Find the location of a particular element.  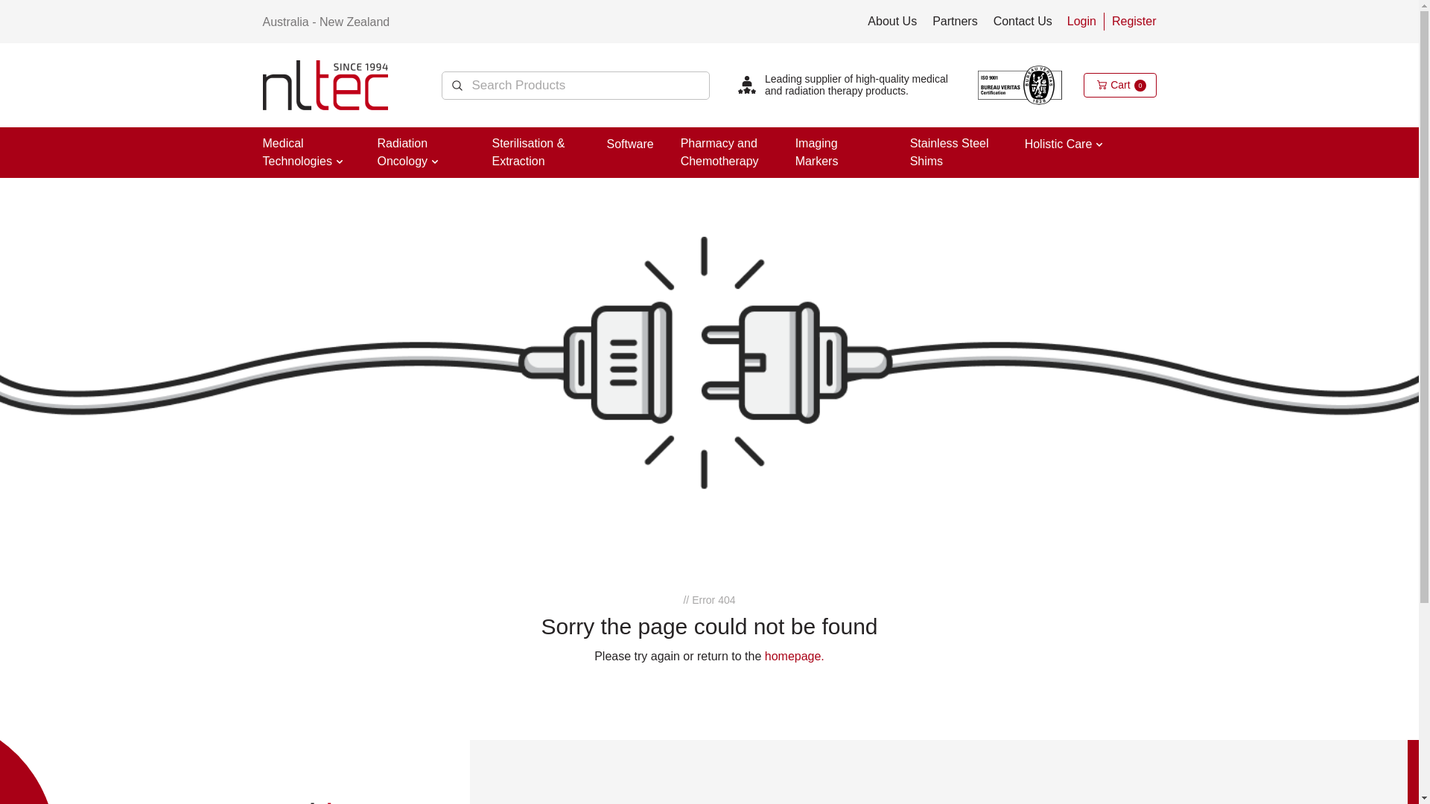

'Pharmacy and Chemotherapy' is located at coordinates (719, 152).